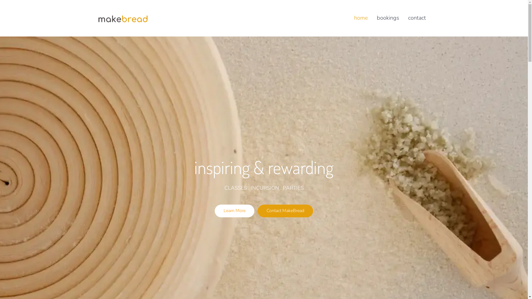  Describe the element at coordinates (361, 18) in the screenshot. I see `'home'` at that location.